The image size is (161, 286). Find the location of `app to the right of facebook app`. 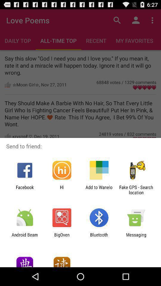

app to the right of facebook app is located at coordinates (61, 189).